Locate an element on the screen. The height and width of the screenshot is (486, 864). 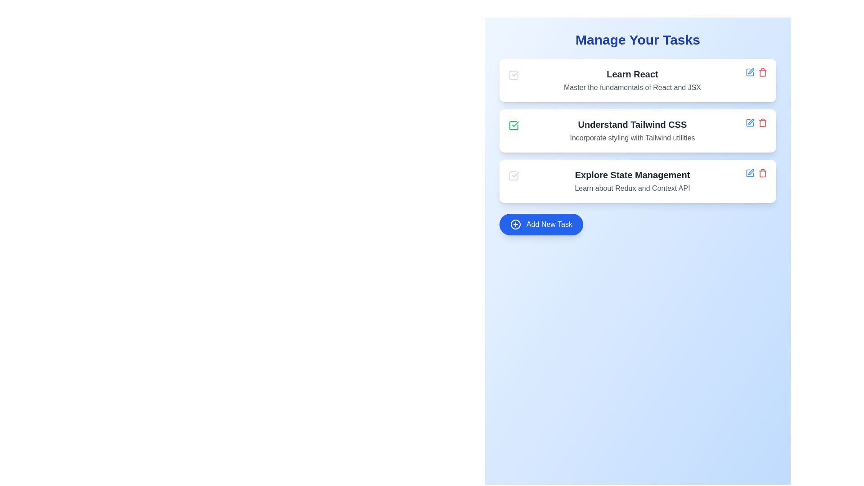
the Text display located in the third row of the task list, which provides information about state management, Redux, and Context API is located at coordinates (632, 181).